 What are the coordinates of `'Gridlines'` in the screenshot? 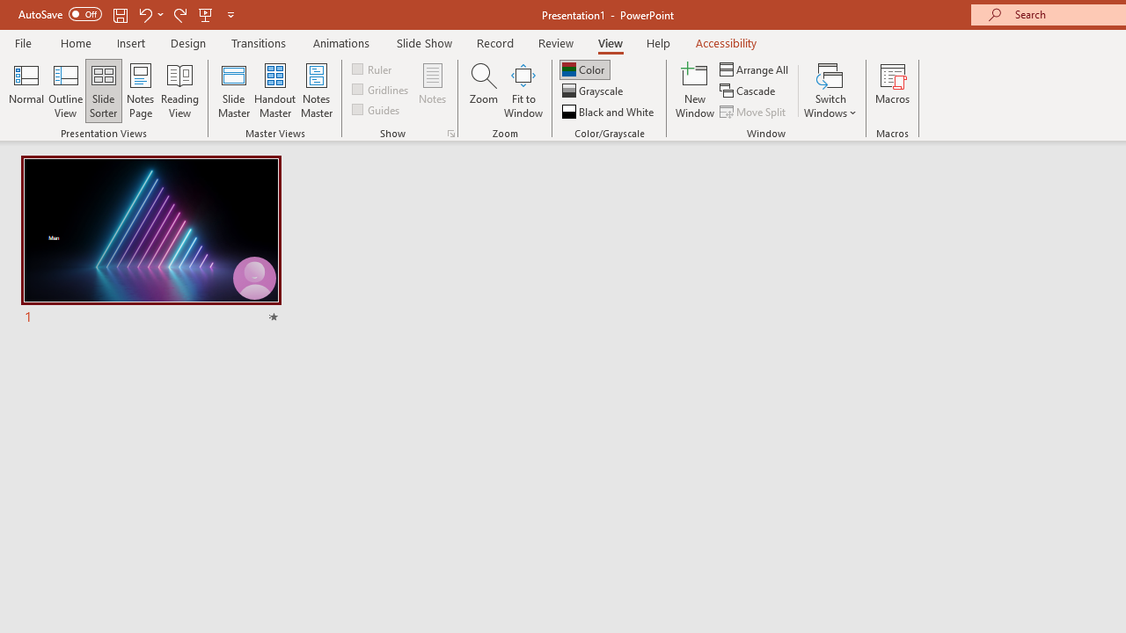 It's located at (380, 89).